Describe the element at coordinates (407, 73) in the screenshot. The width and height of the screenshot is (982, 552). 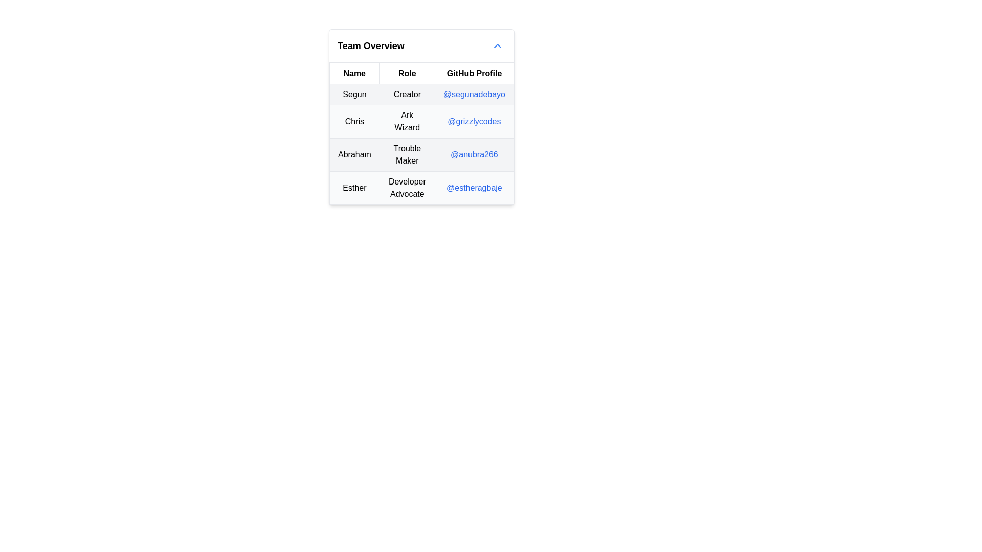
I see `text label displaying the word 'Role' which is the second item in the table header, between 'Name' and 'GitHub Profile'` at that location.